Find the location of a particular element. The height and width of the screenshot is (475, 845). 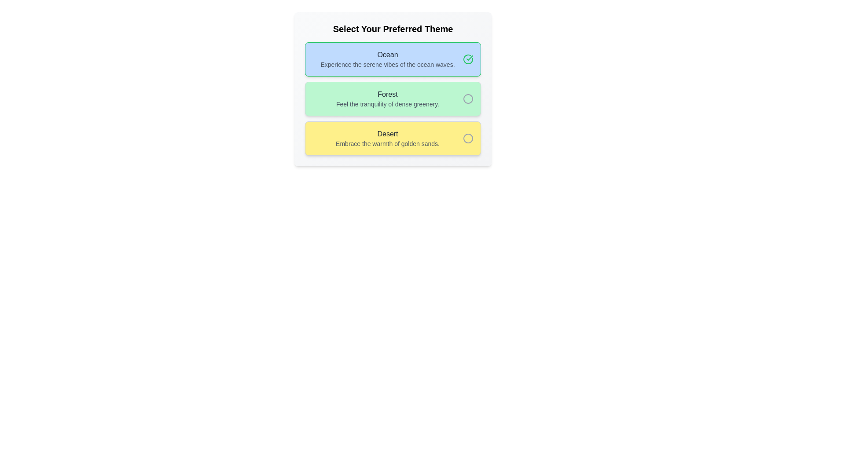

the text label that reads 'Feel the tranquility of dense greenery.' which is located below the headline 'Forest' and is styled with a smaller font size and grayish color, positioned within a light green background area is located at coordinates (387, 103).